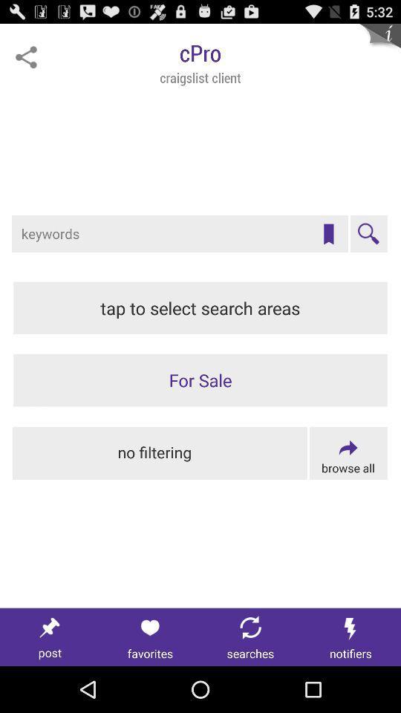 The height and width of the screenshot is (713, 401). Describe the element at coordinates (150, 637) in the screenshot. I see `favorites` at that location.